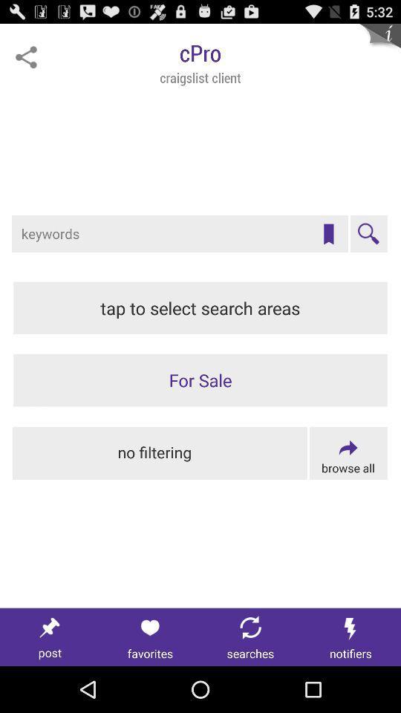 The height and width of the screenshot is (713, 401). Describe the element at coordinates (150, 637) in the screenshot. I see `favorites` at that location.